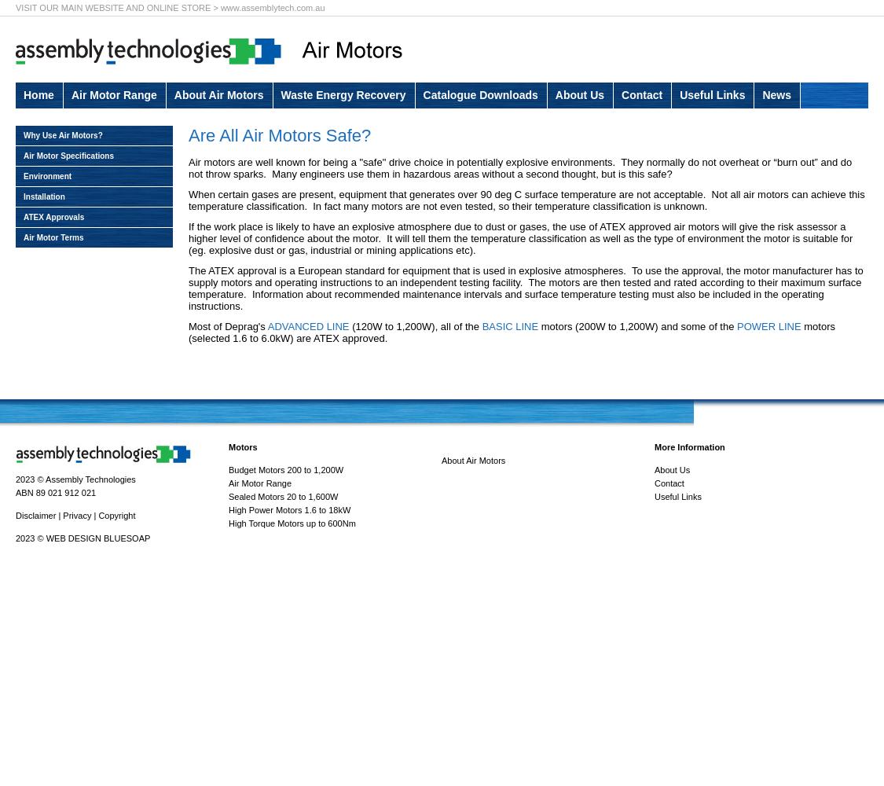  Describe the element at coordinates (75, 516) in the screenshot. I see `'Privacy'` at that location.